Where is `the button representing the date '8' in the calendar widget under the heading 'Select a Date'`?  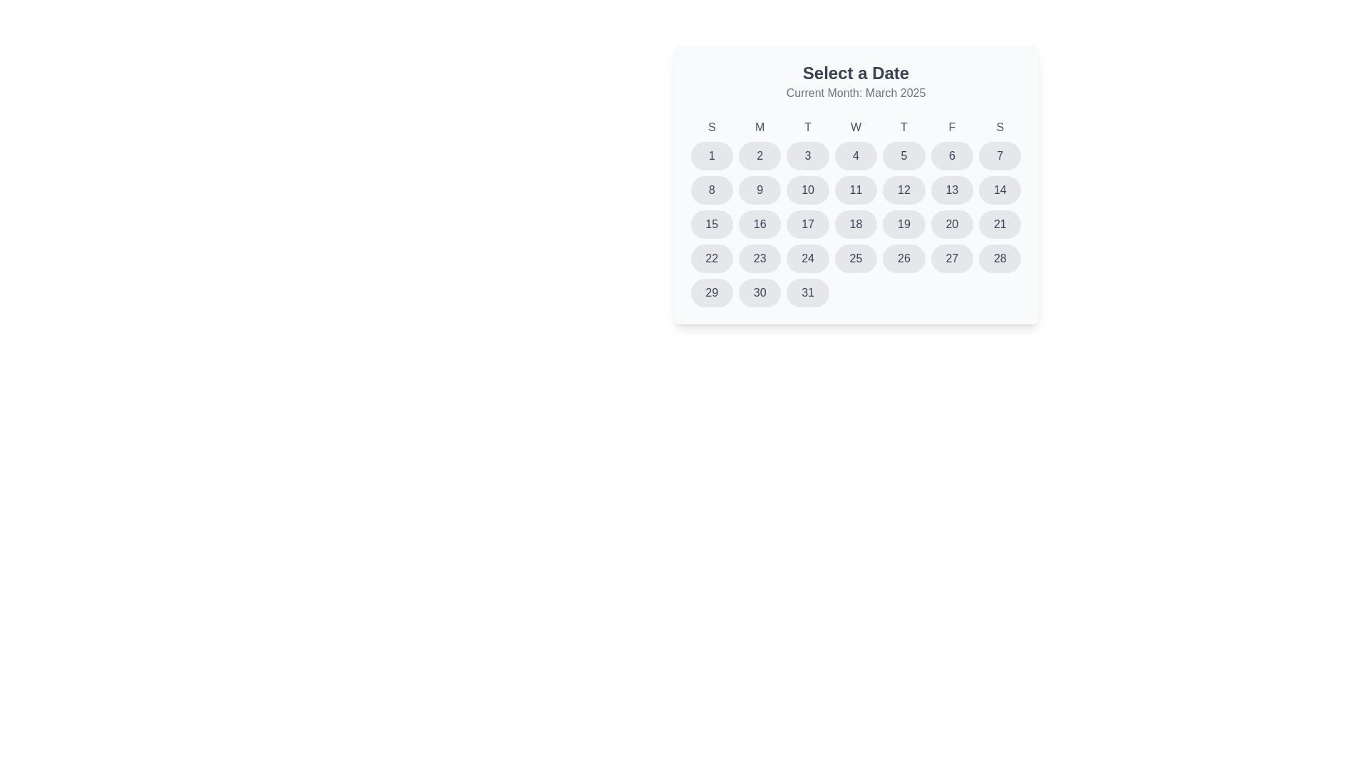 the button representing the date '8' in the calendar widget under the heading 'Select a Date' is located at coordinates (712, 189).